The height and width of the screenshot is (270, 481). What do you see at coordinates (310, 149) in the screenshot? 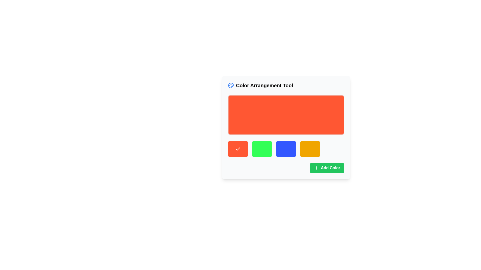
I see `the fifth selectable block with an orange-yellow background` at bounding box center [310, 149].